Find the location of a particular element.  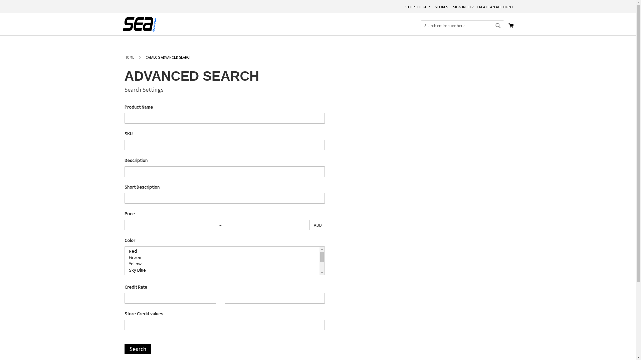

'SEARCH' is located at coordinates (498, 25).